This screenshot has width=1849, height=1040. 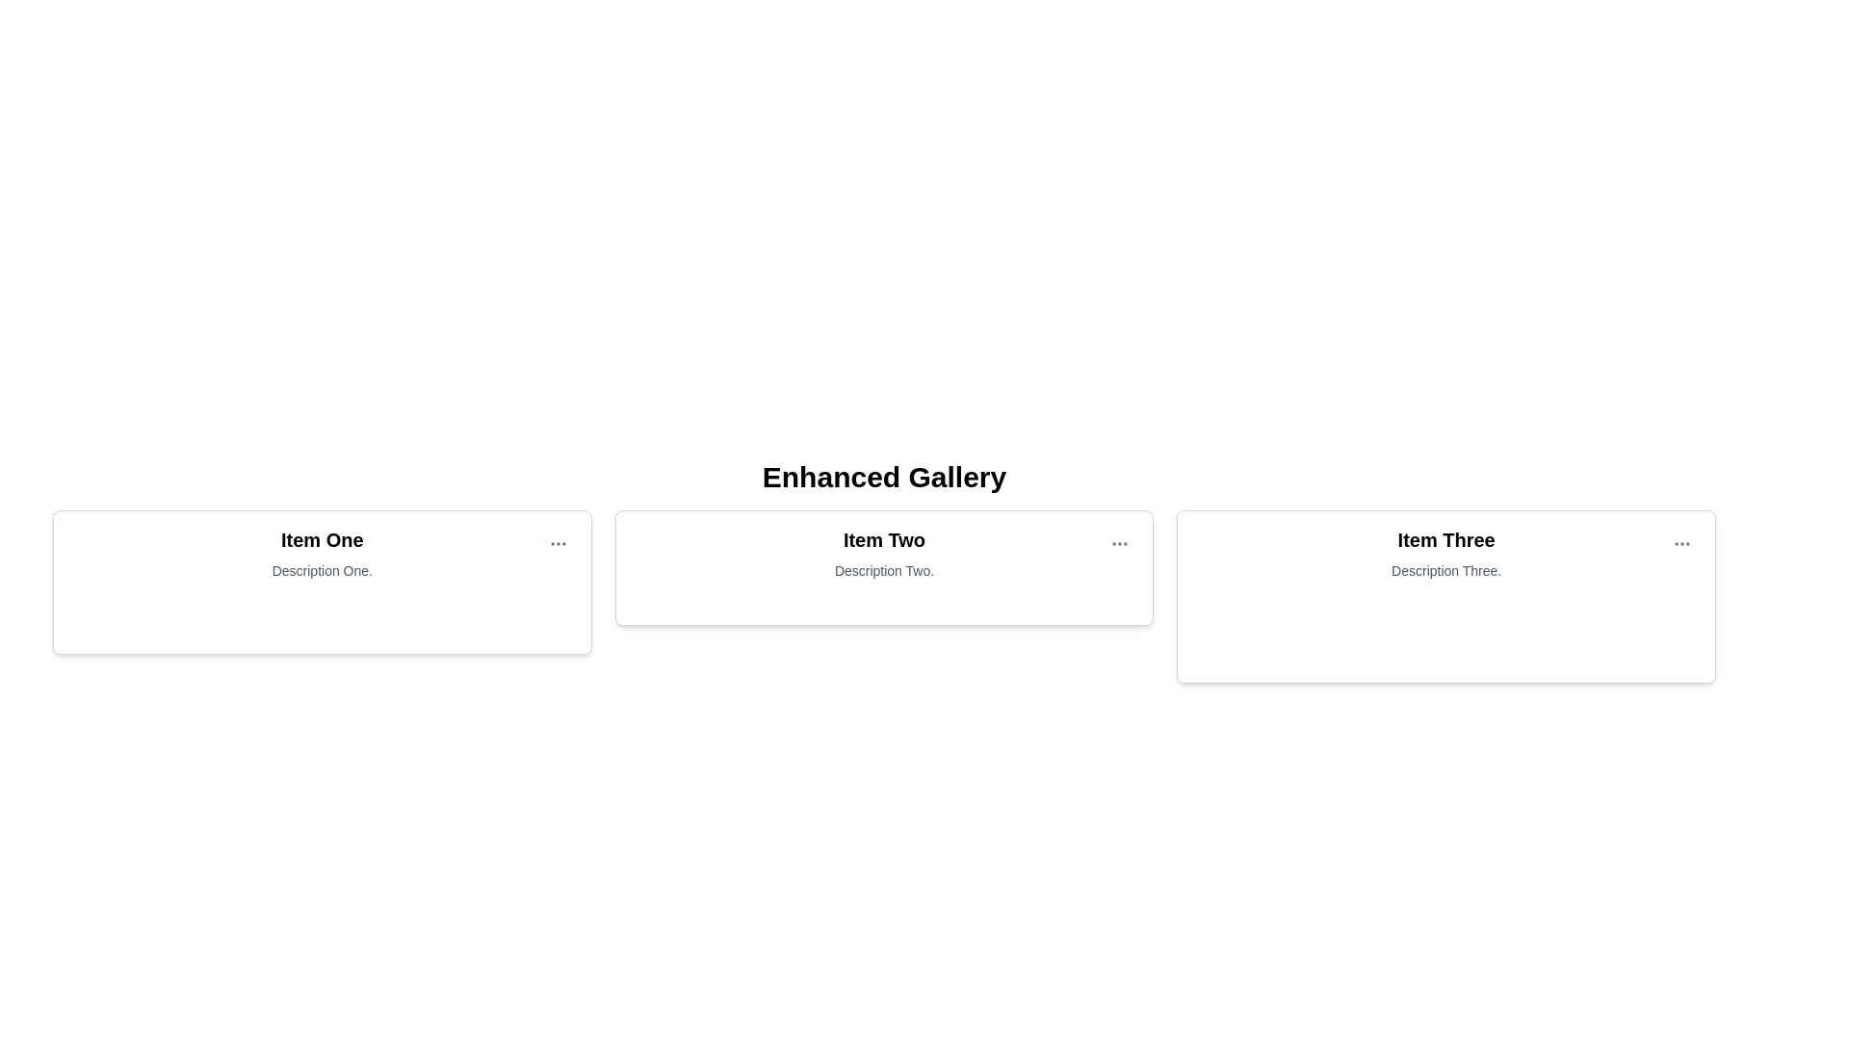 What do you see at coordinates (1446, 553) in the screenshot?
I see `the third card in the gallery, which displays the title 'Item Three' in bold and larger text, and a smaller description 'Description Three.' with a three-dot menu icon in the top-right corner` at bounding box center [1446, 553].